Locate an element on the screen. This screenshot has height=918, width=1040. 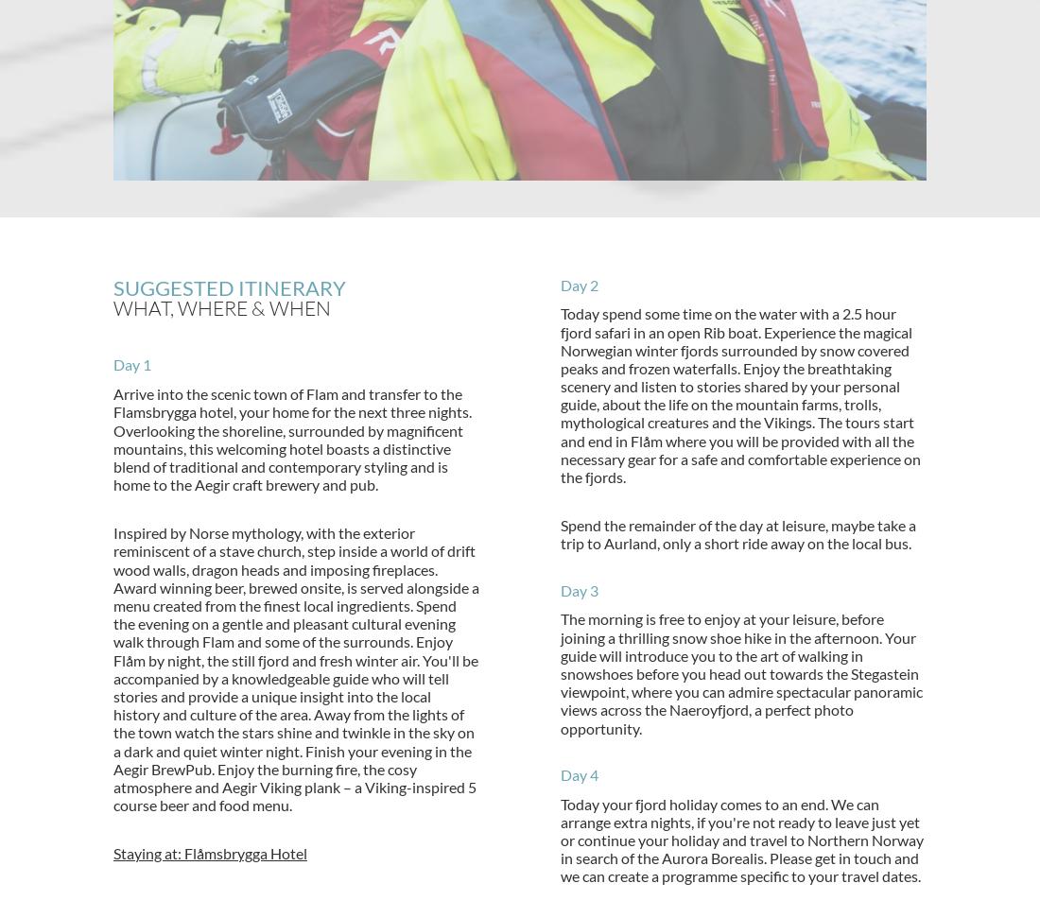
'Day 4' is located at coordinates (560, 772).